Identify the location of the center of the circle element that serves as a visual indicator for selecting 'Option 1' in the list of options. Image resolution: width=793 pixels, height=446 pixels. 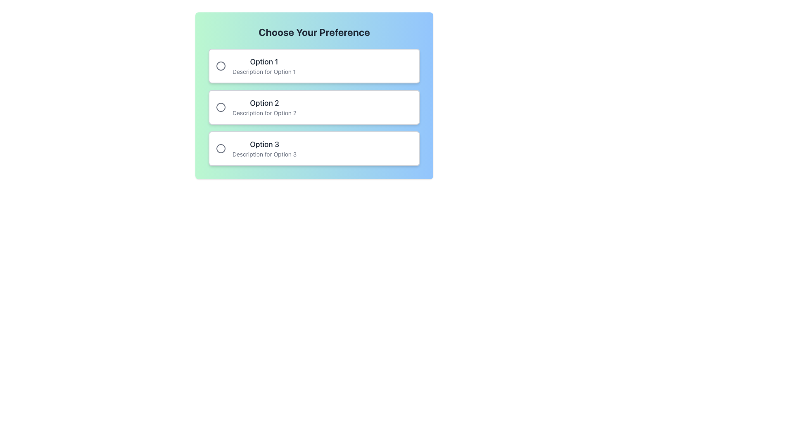
(221, 65).